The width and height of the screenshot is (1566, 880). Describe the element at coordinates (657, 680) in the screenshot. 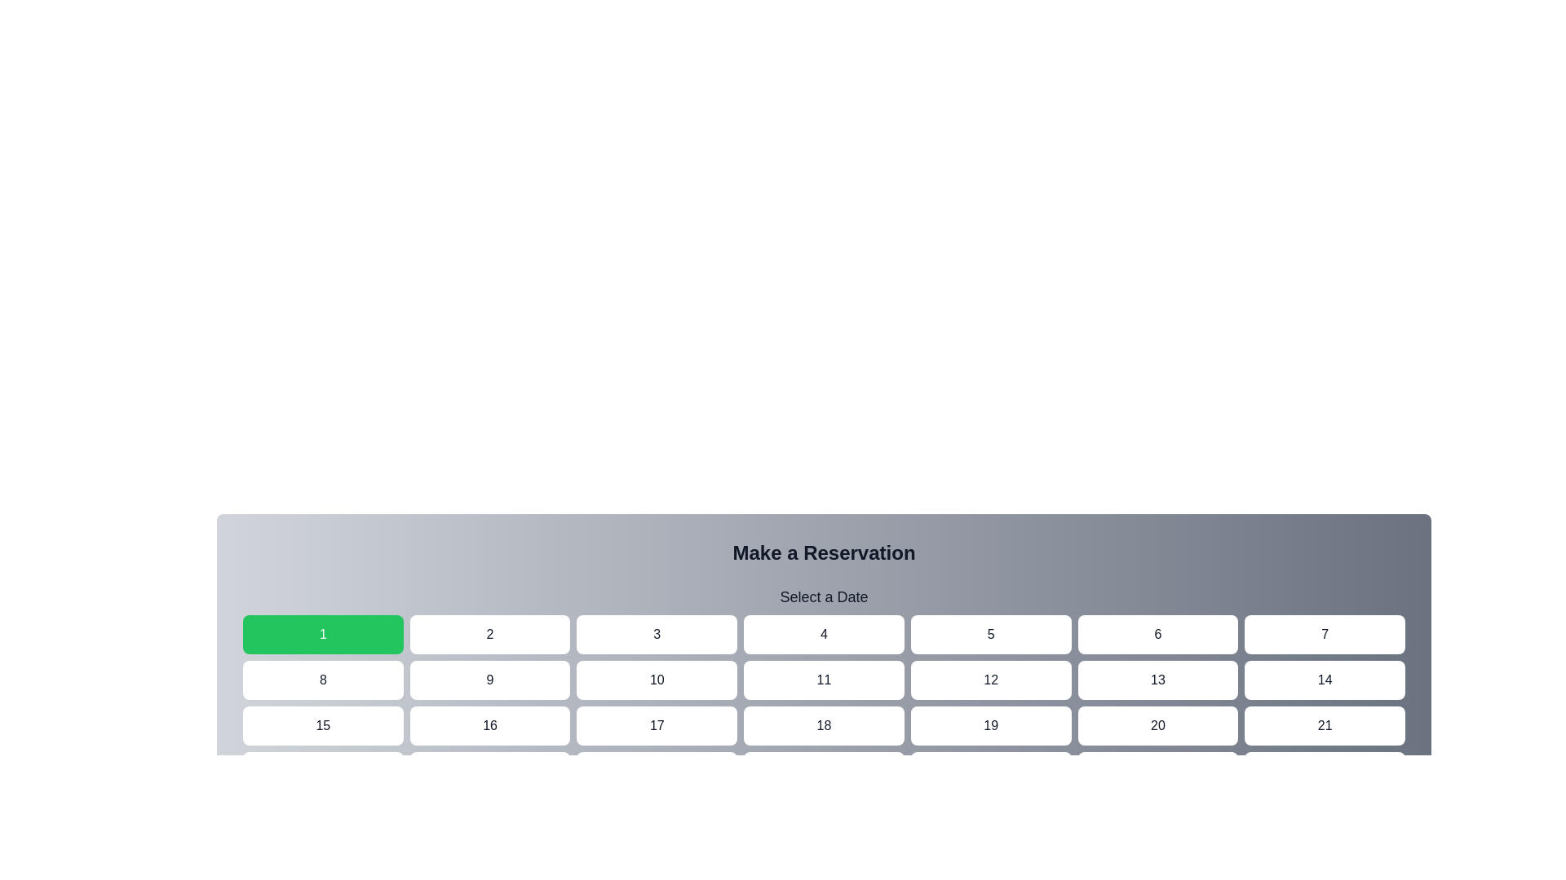

I see `the rectangular button with rounded edges that has the centered black text '10'` at that location.